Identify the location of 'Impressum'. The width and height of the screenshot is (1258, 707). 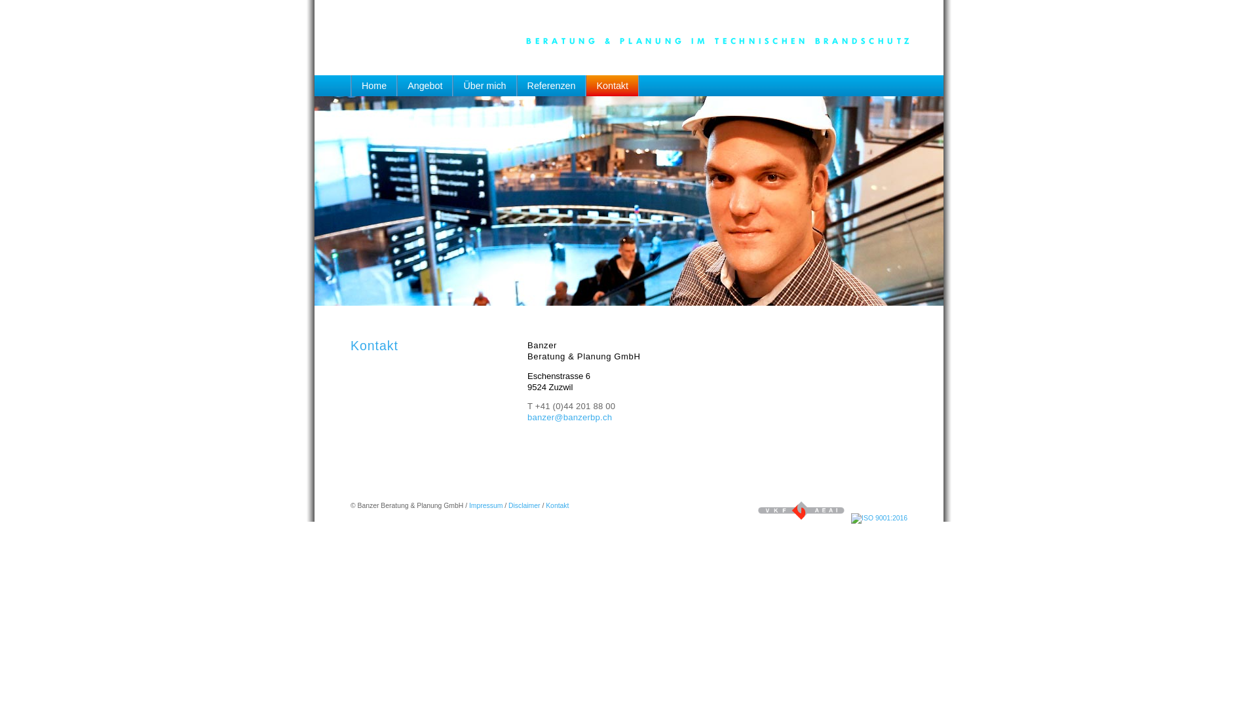
(485, 505).